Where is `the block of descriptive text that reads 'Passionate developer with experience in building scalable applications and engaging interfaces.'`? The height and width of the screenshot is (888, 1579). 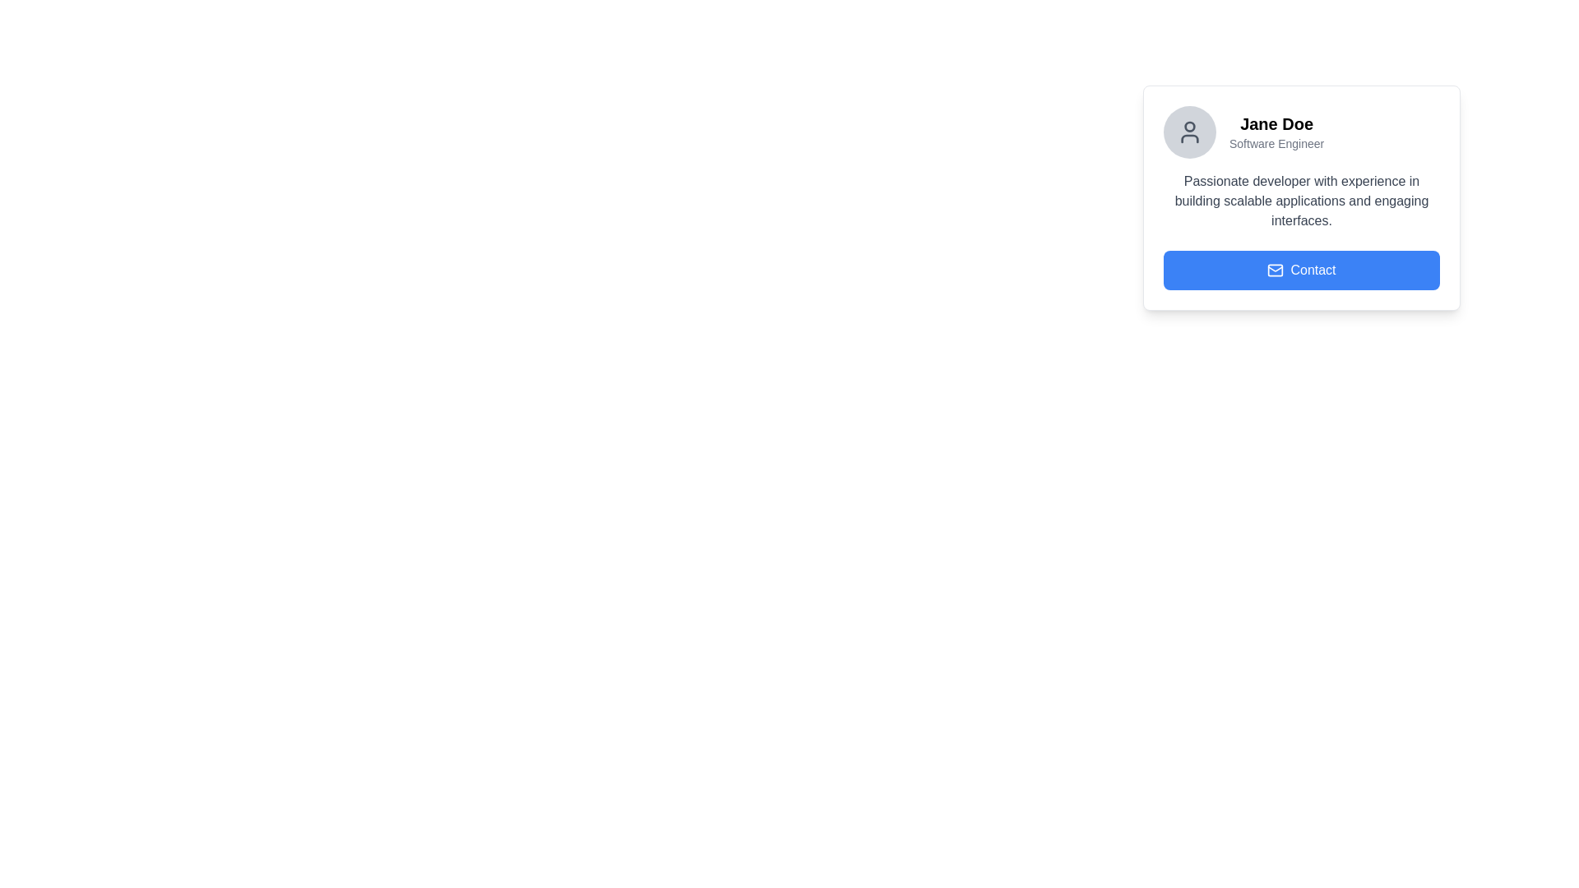 the block of descriptive text that reads 'Passionate developer with experience in building scalable applications and engaging interfaces.' is located at coordinates (1301, 201).